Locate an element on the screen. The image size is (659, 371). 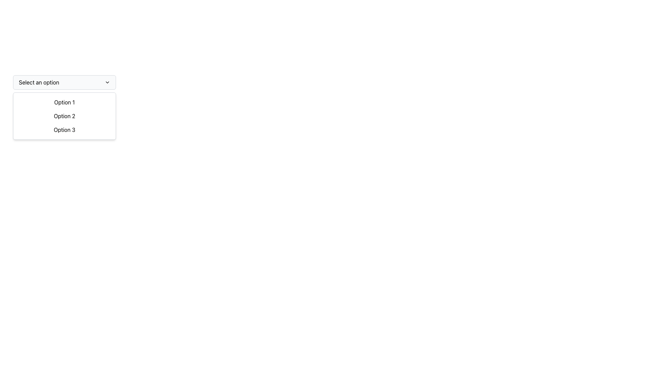
the 'Option 2' in the dropdown menu to change its background color is located at coordinates (64, 116).